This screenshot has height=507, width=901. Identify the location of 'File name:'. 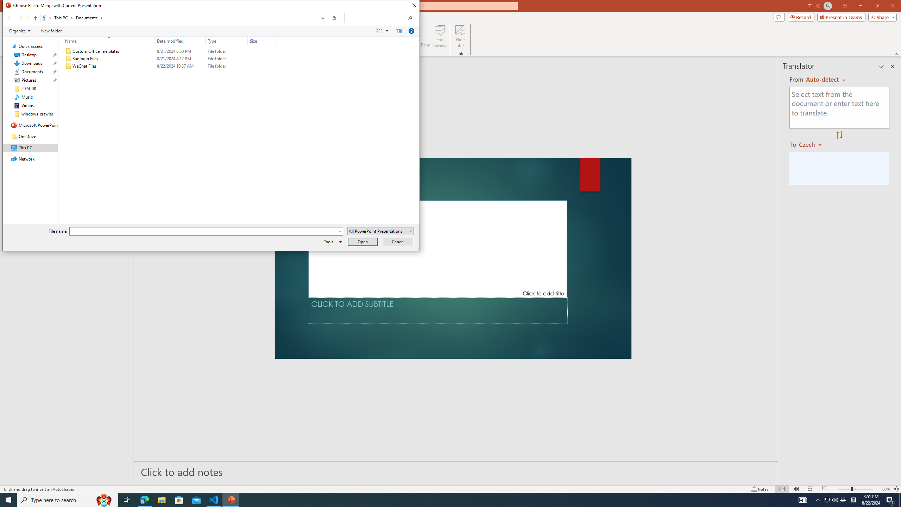
(206, 231).